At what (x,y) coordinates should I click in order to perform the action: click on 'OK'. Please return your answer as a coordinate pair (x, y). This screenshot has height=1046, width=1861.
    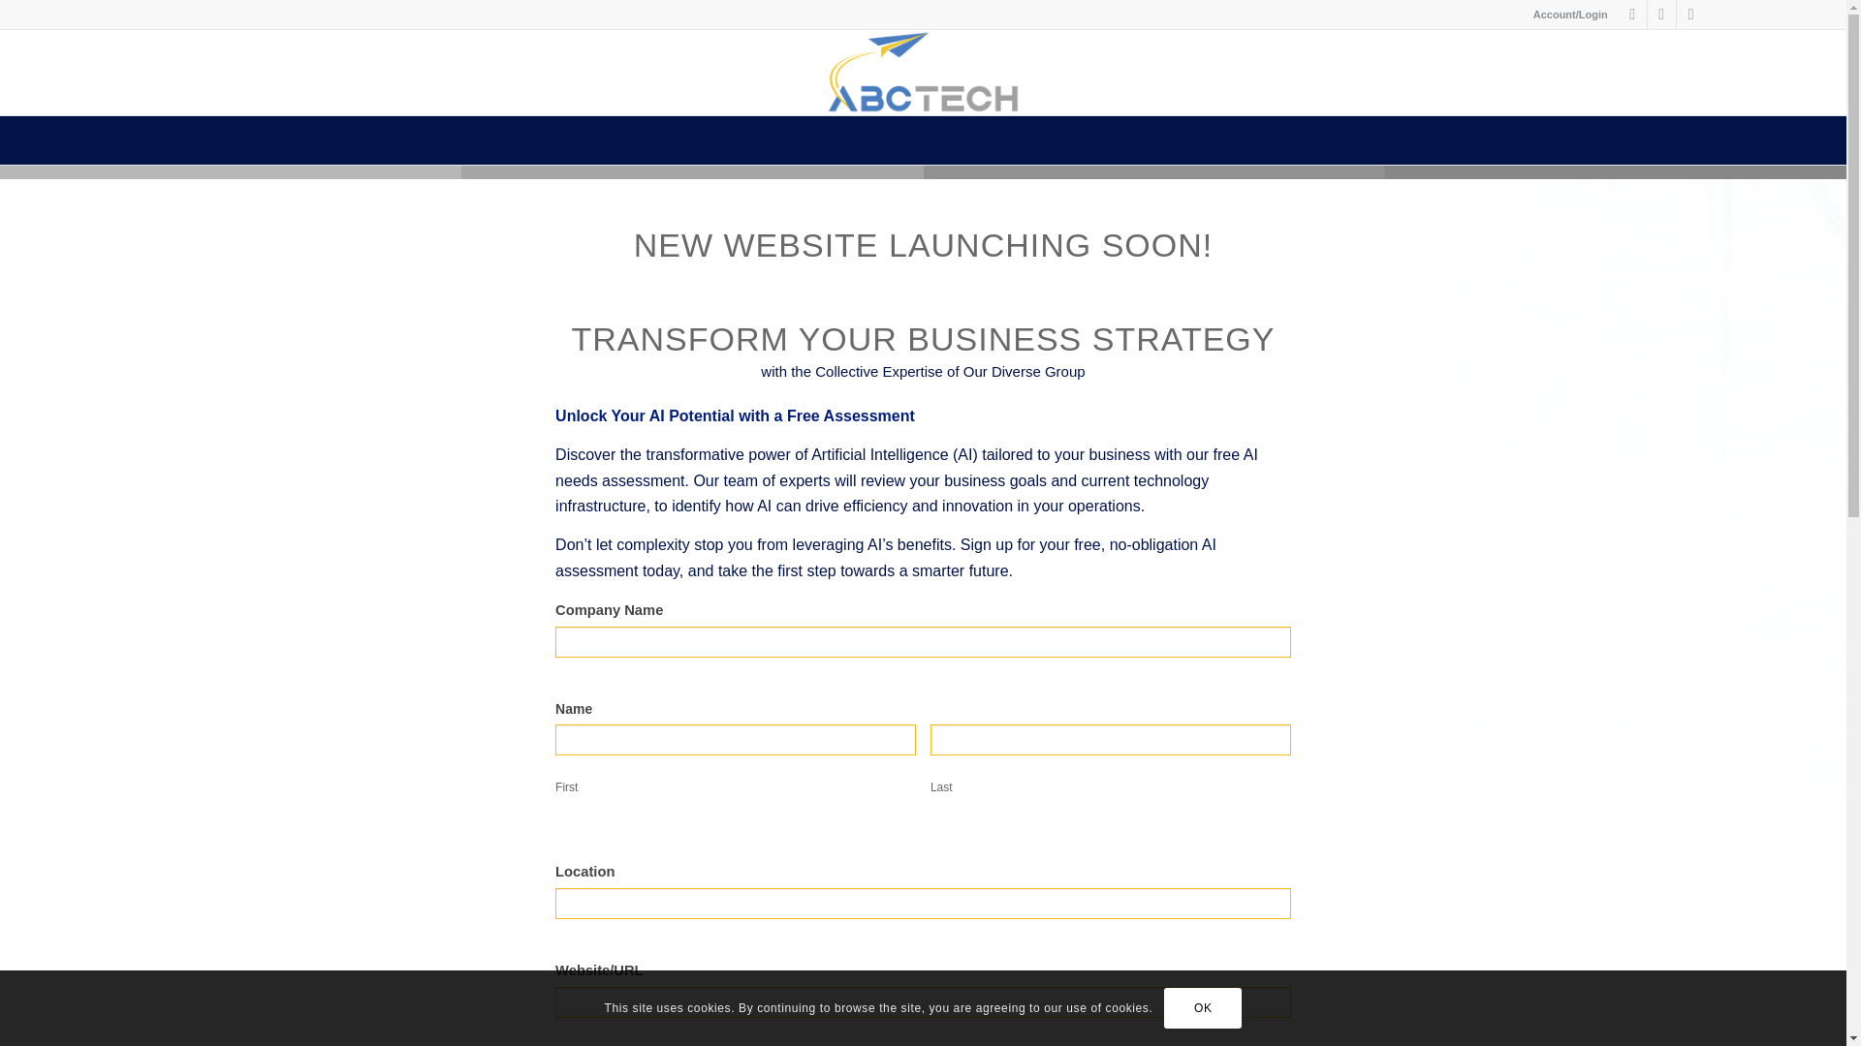
    Looking at the image, I should click on (1163, 1007).